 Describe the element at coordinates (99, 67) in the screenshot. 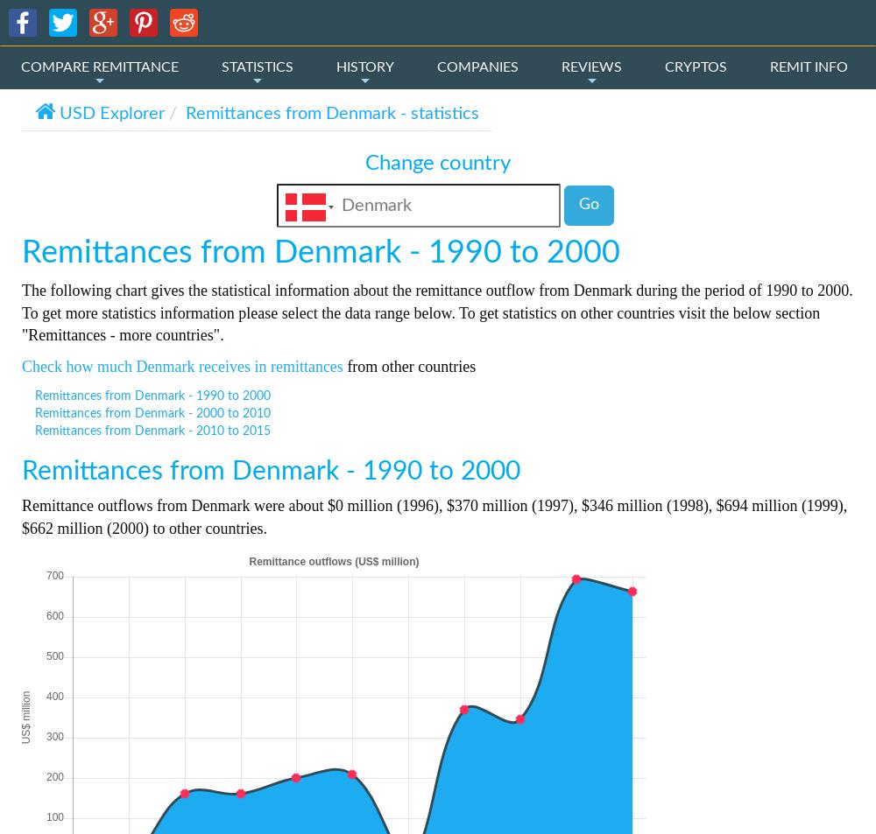

I see `'COMPARE REMITTANCE'` at that location.